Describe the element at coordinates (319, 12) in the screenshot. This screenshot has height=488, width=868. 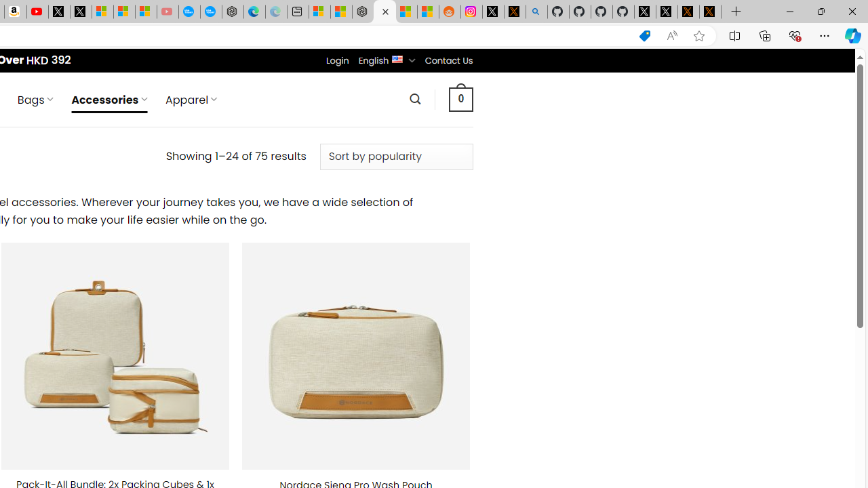
I see `'Microsoft account | Microsoft Account Privacy Settings'` at that location.